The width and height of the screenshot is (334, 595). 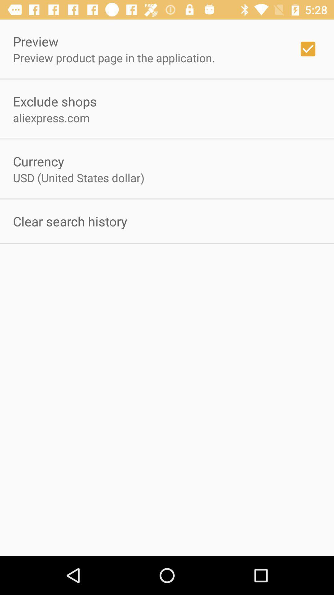 I want to click on app above the currency icon, so click(x=51, y=118).